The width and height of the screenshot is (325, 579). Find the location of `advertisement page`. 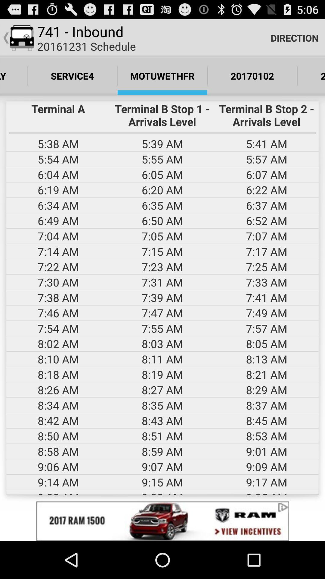

advertisement page is located at coordinates (162, 521).